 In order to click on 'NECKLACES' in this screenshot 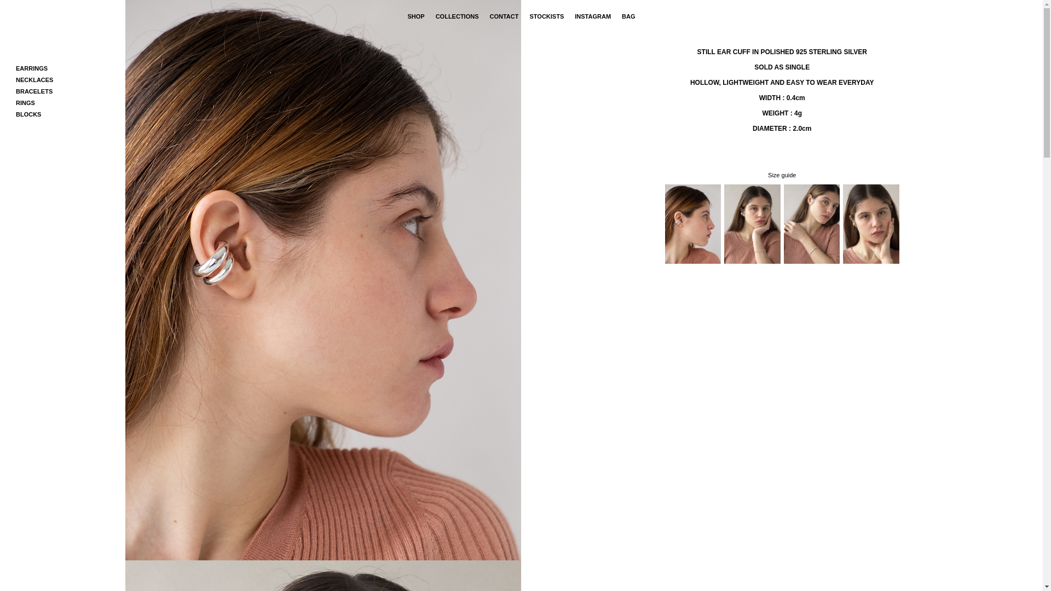, I will do `click(34, 79)`.